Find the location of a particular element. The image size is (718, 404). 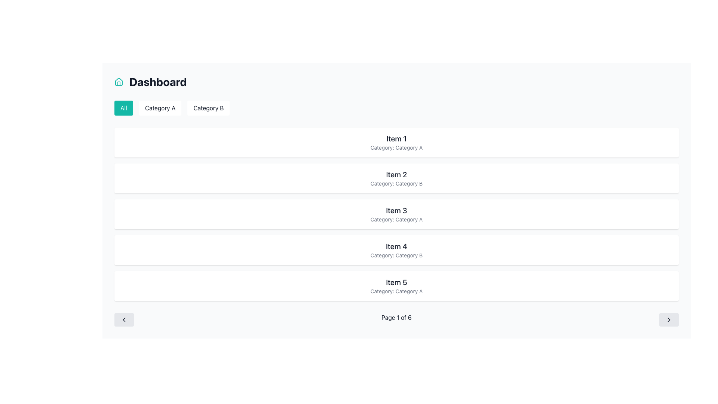

the 'All' button, which is the first button in a row of three buttons under the 'Dashboard' heading is located at coordinates (124, 108).